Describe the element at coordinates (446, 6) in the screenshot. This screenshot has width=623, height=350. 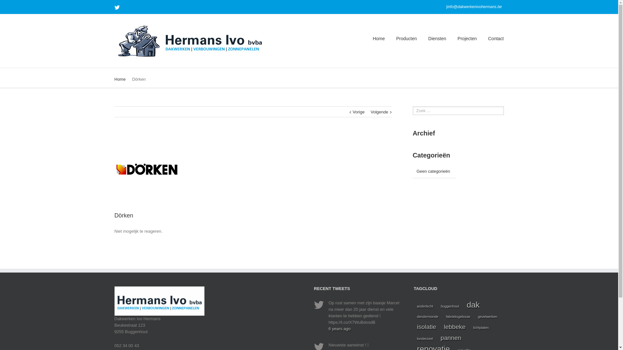
I see `'info@dakwerkenivohermans.be'` at that location.